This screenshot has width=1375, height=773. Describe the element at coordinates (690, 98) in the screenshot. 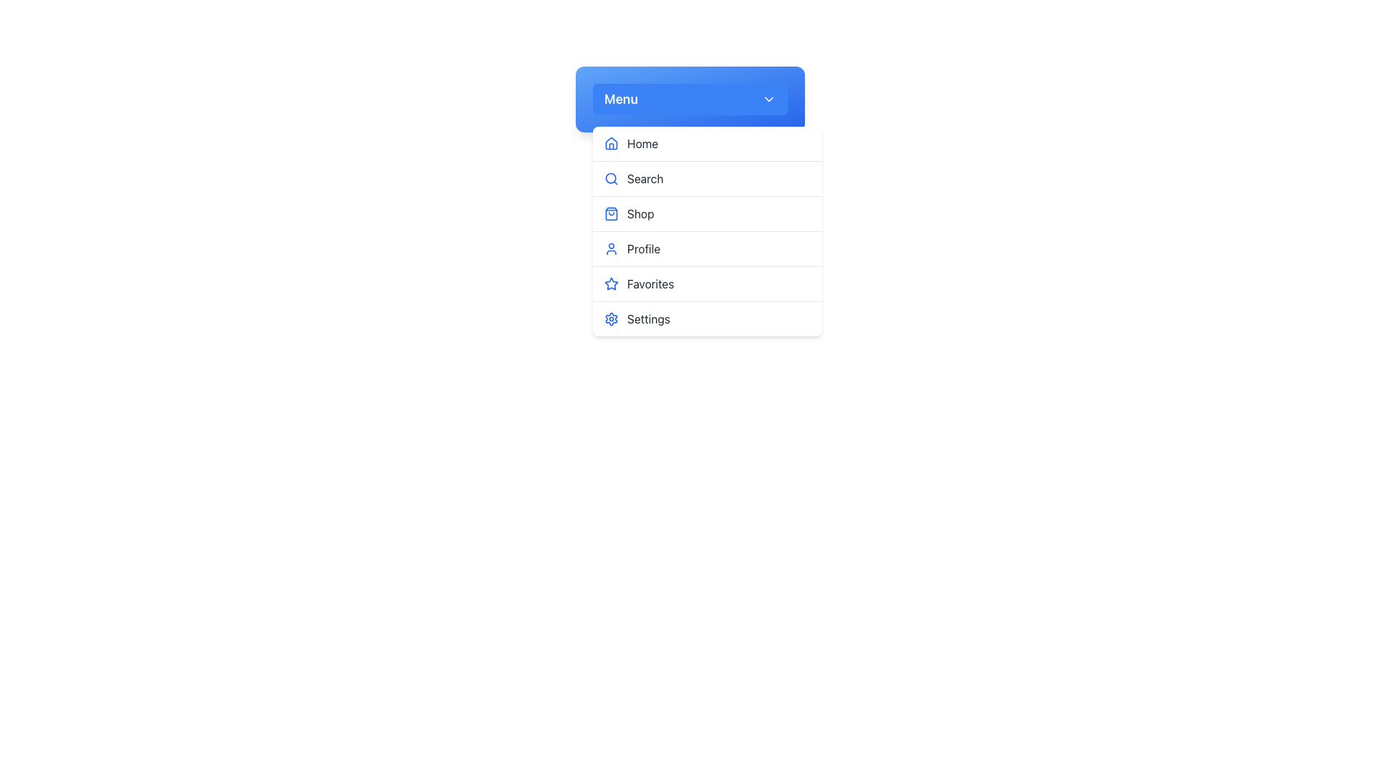

I see `the blue 'Menu' button with rounded edges` at that location.